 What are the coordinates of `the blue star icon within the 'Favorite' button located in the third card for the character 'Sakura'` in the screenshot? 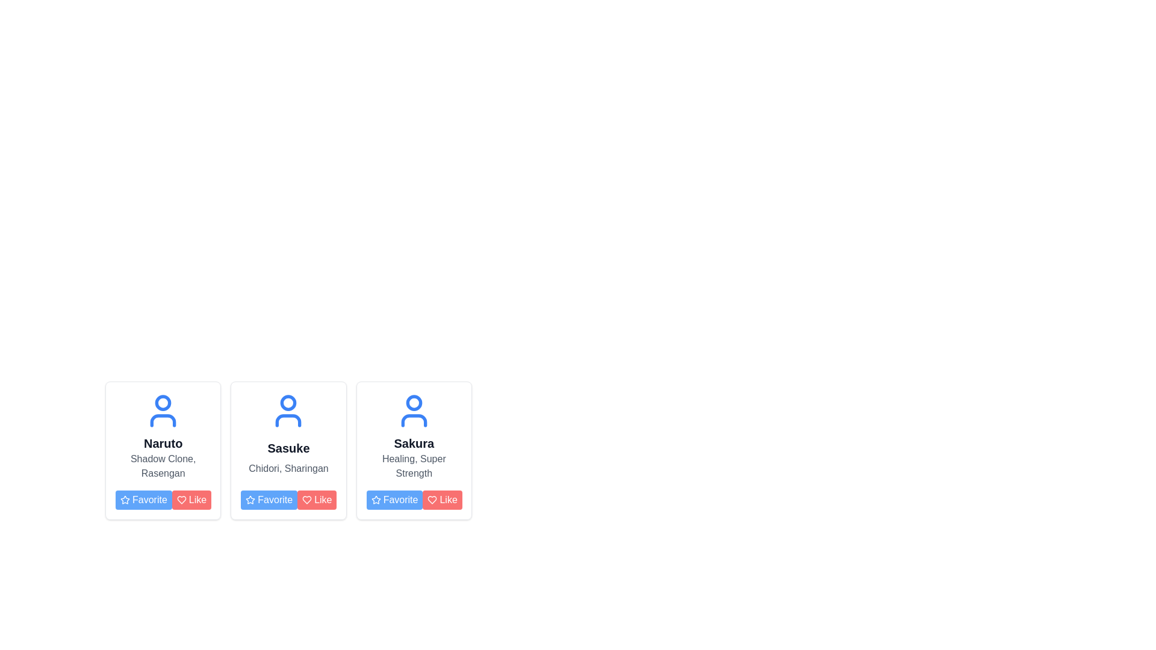 It's located at (375, 500).